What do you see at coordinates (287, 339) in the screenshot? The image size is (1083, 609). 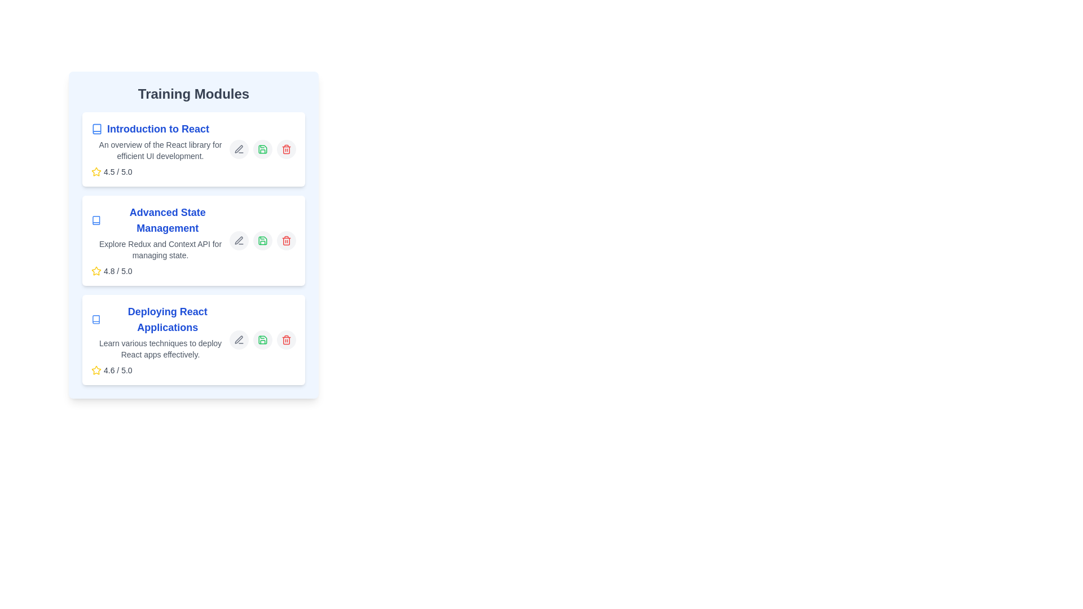 I see `the rounded delete button with a trash can icon located at the bottom right of the 'Deploying React Applications' module card to interact via keyboard if accessible` at bounding box center [287, 339].